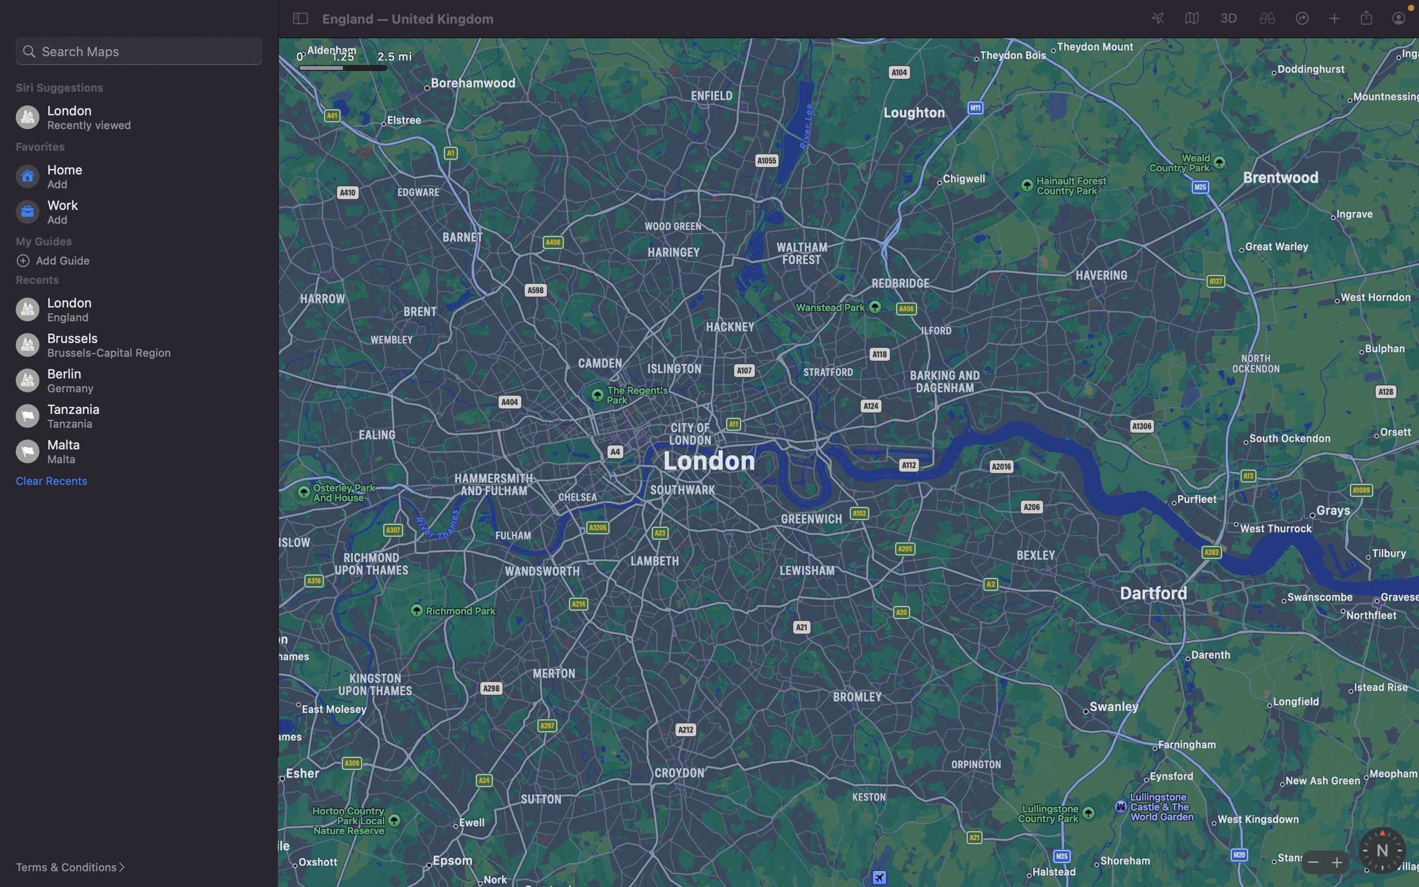  Describe the element at coordinates (1267, 19) in the screenshot. I see `Inspect the current map position` at that location.